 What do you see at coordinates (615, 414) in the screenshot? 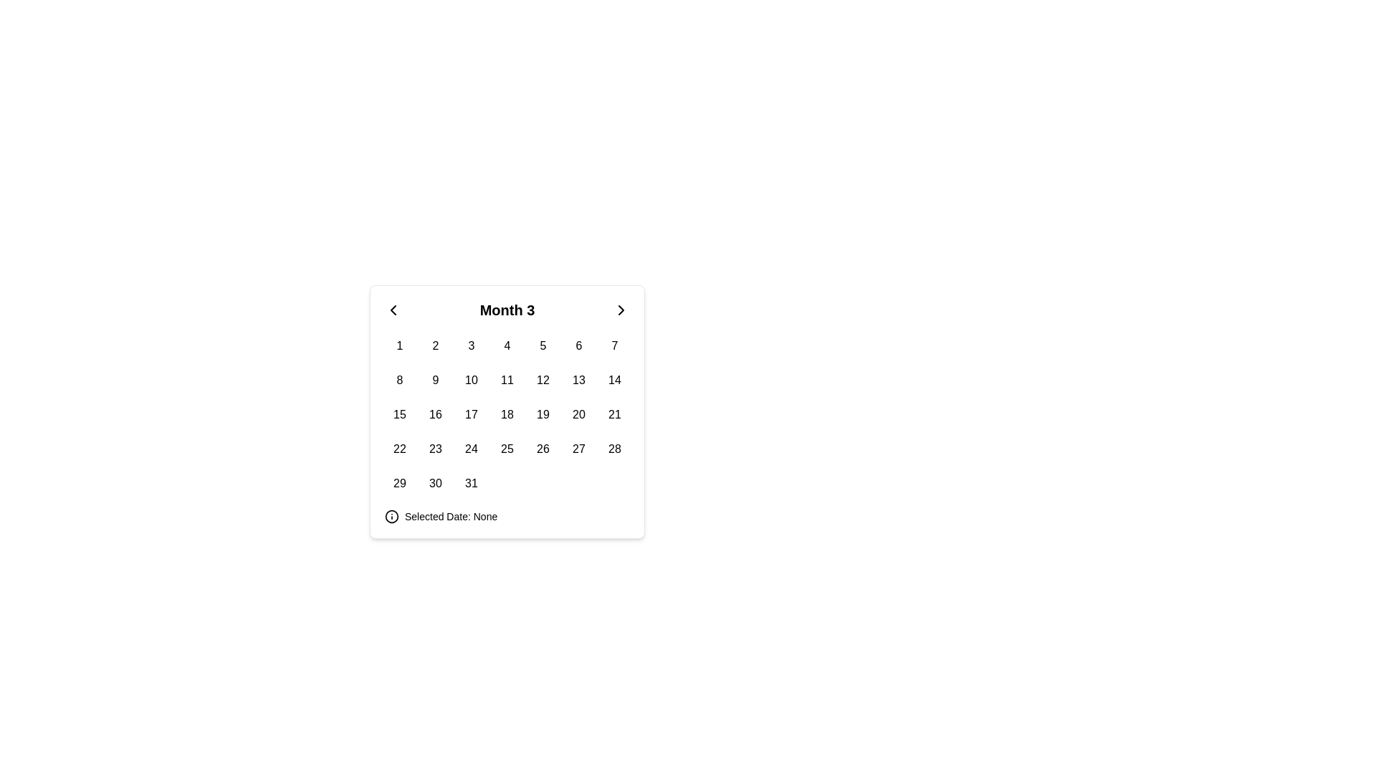
I see `the calendar day button for the 21st day of the month located in the third row, seventh column of the calendar grid` at bounding box center [615, 414].